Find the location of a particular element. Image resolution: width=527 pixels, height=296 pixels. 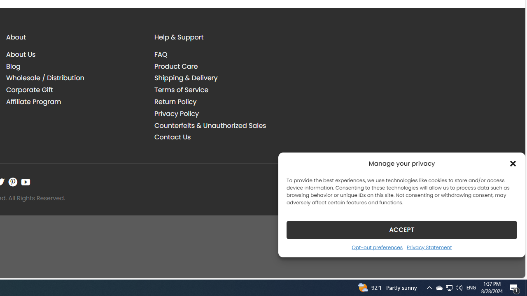

'Return Policy' is located at coordinates (175, 102).